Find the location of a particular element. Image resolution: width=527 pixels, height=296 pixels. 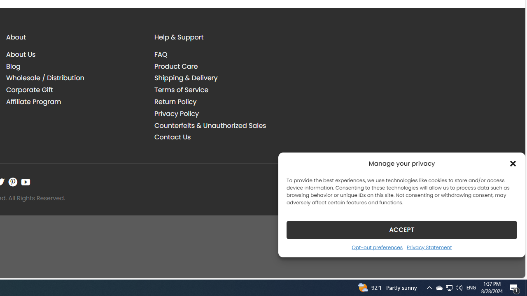

'Return Policy' is located at coordinates (175, 102).